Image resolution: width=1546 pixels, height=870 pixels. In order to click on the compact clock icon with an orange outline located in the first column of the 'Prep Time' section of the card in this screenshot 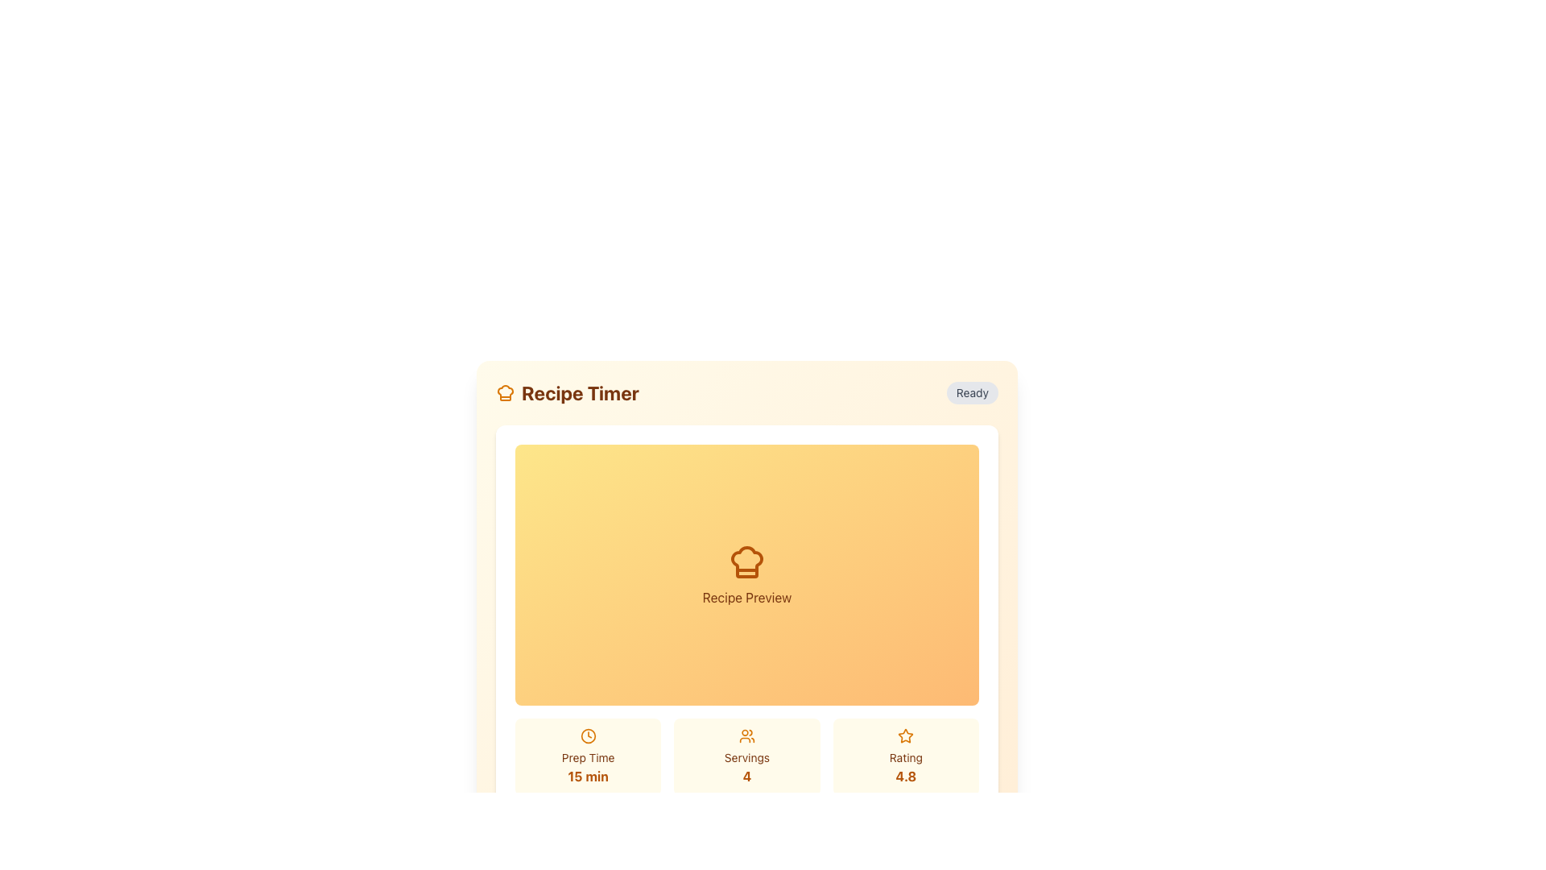, I will do `click(587, 736)`.